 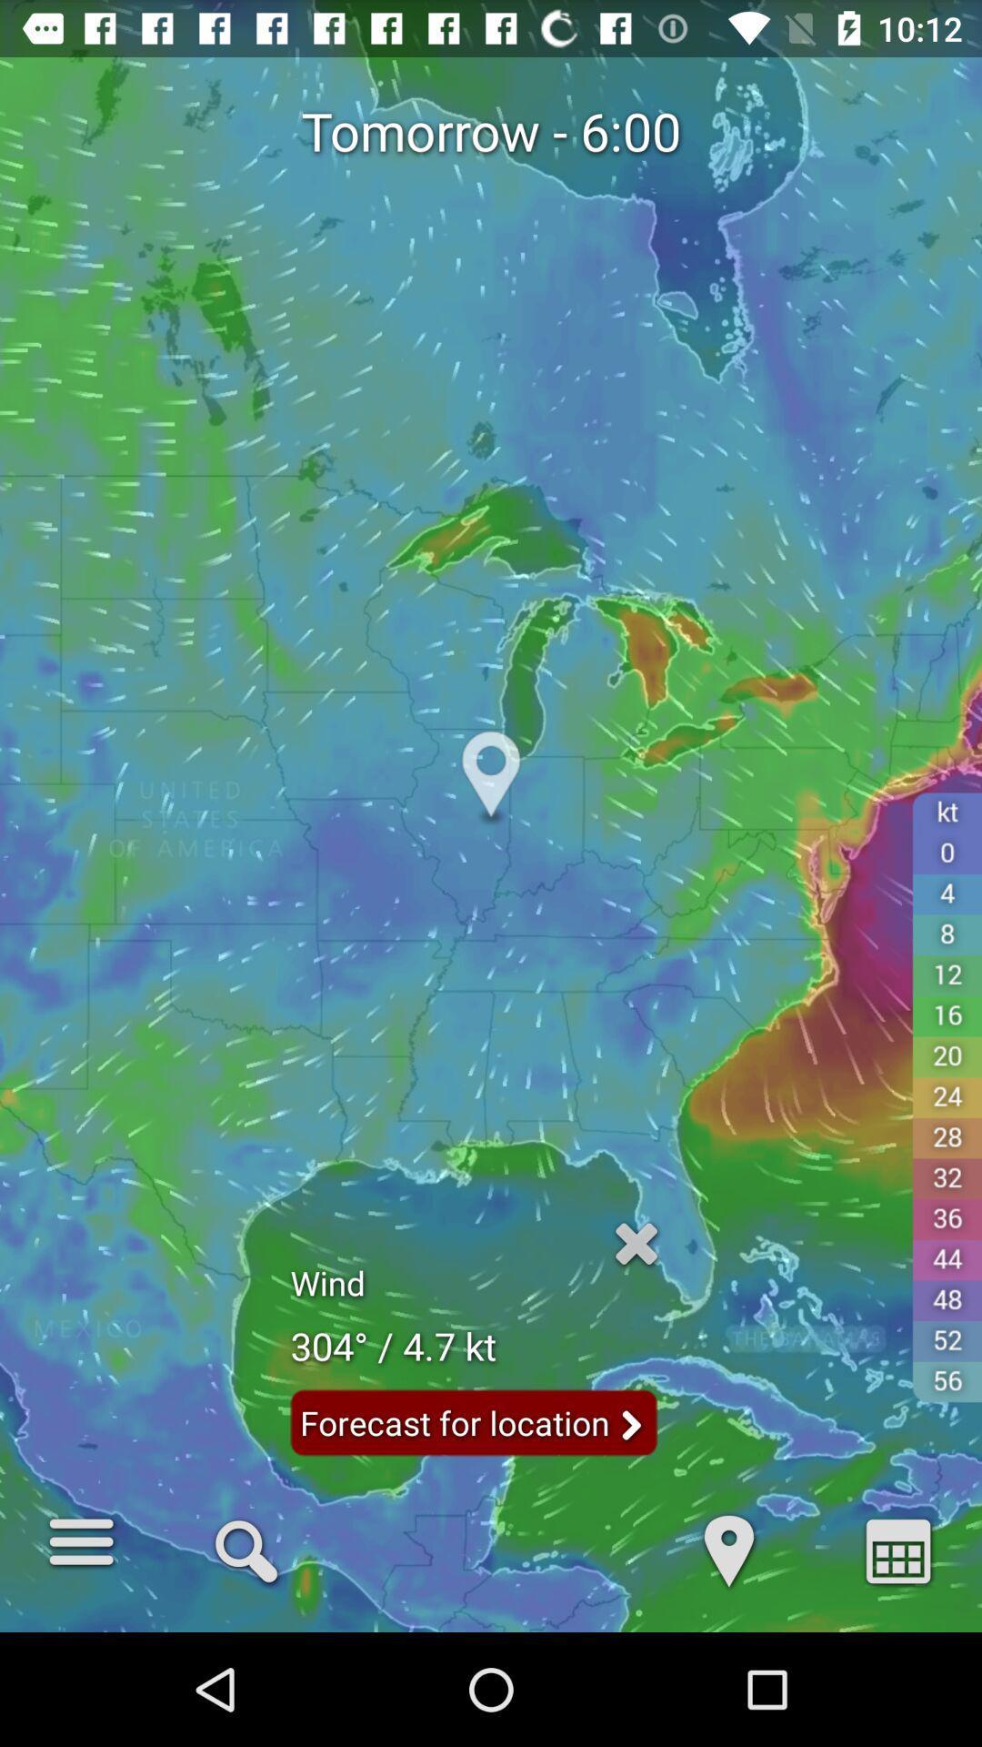 I want to click on the icon below tomorrow - 6:00 item, so click(x=246, y=1549).